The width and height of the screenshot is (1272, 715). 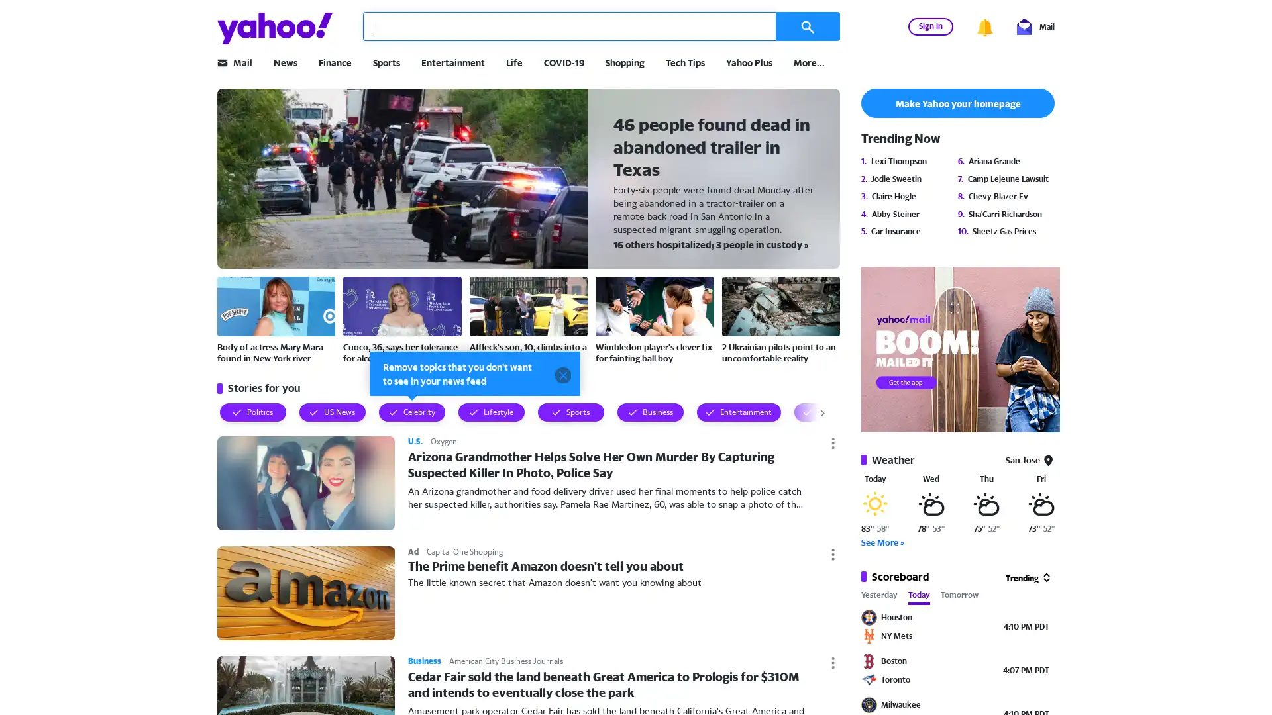 What do you see at coordinates (807, 26) in the screenshot?
I see `Search` at bounding box center [807, 26].